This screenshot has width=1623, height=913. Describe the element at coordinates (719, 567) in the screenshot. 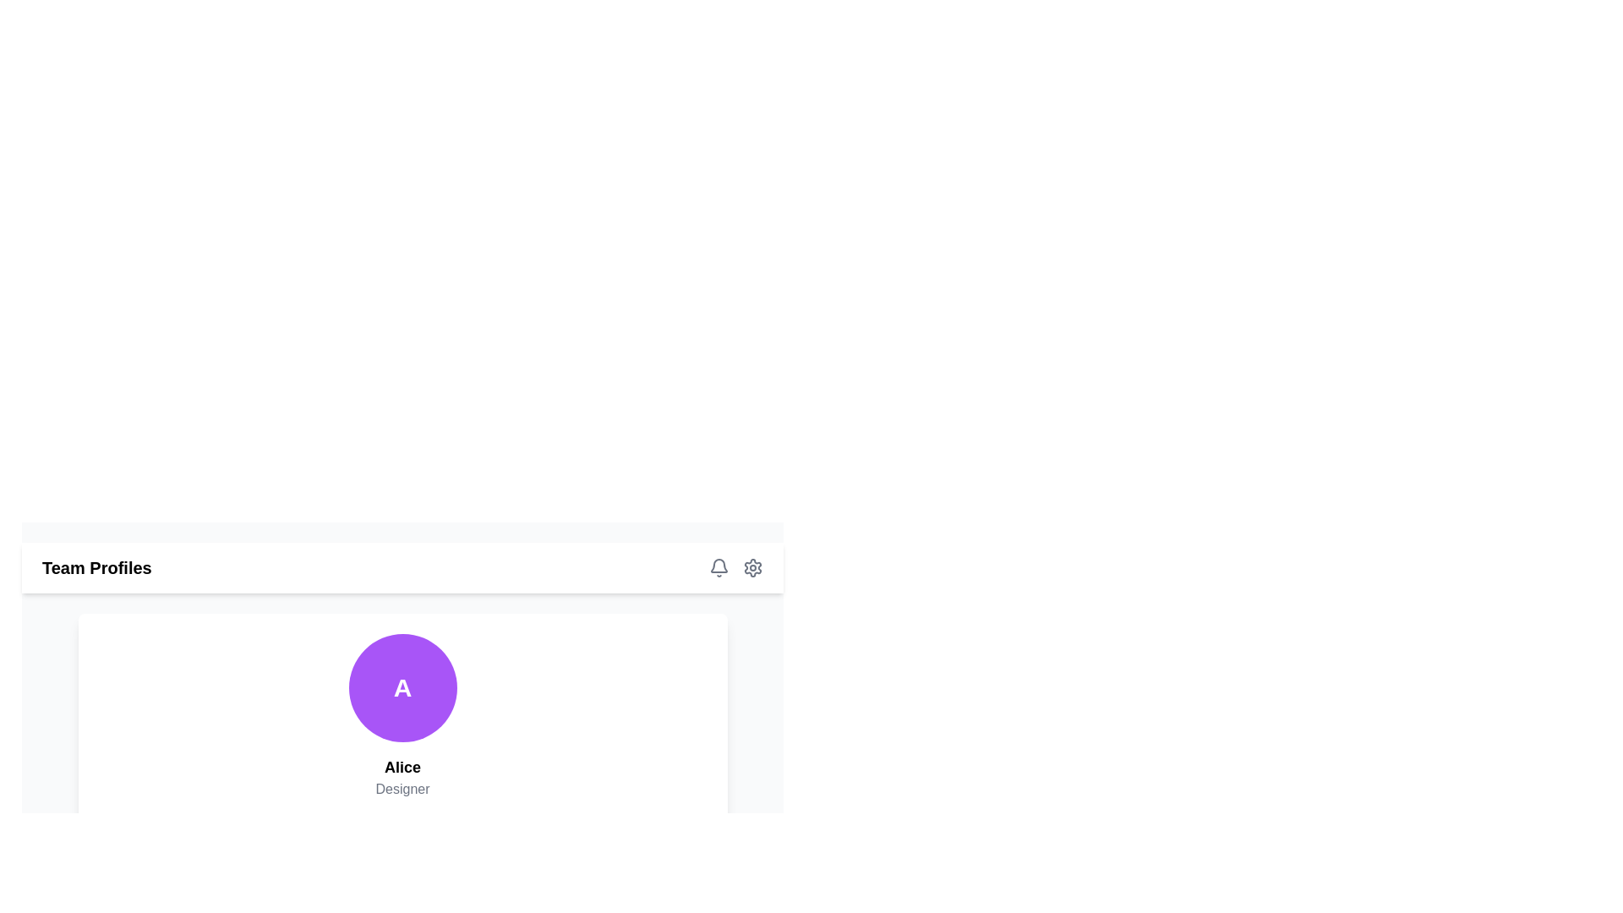

I see `the notifications icon located at the top-right corner of the user interface` at that location.